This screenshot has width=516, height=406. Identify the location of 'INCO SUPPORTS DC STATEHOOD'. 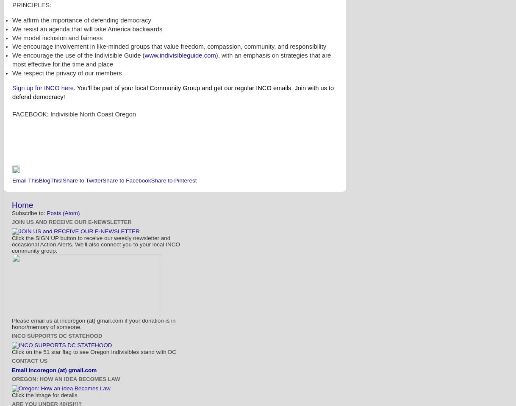
(56, 336).